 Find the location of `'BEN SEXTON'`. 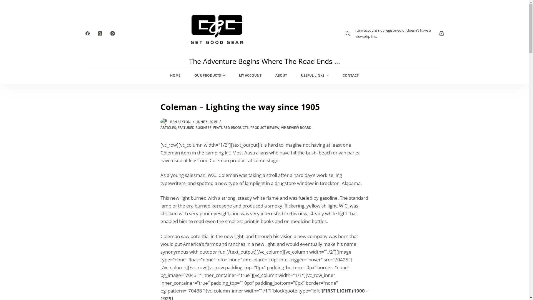

'BEN SEXTON' is located at coordinates (180, 121).